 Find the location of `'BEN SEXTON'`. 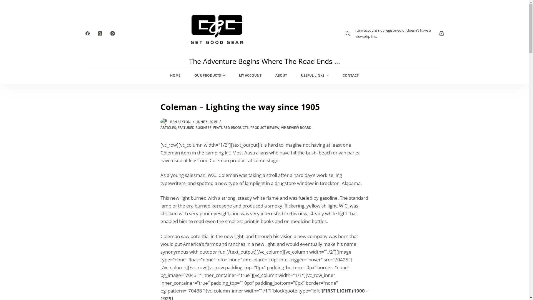

'BEN SEXTON' is located at coordinates (180, 121).